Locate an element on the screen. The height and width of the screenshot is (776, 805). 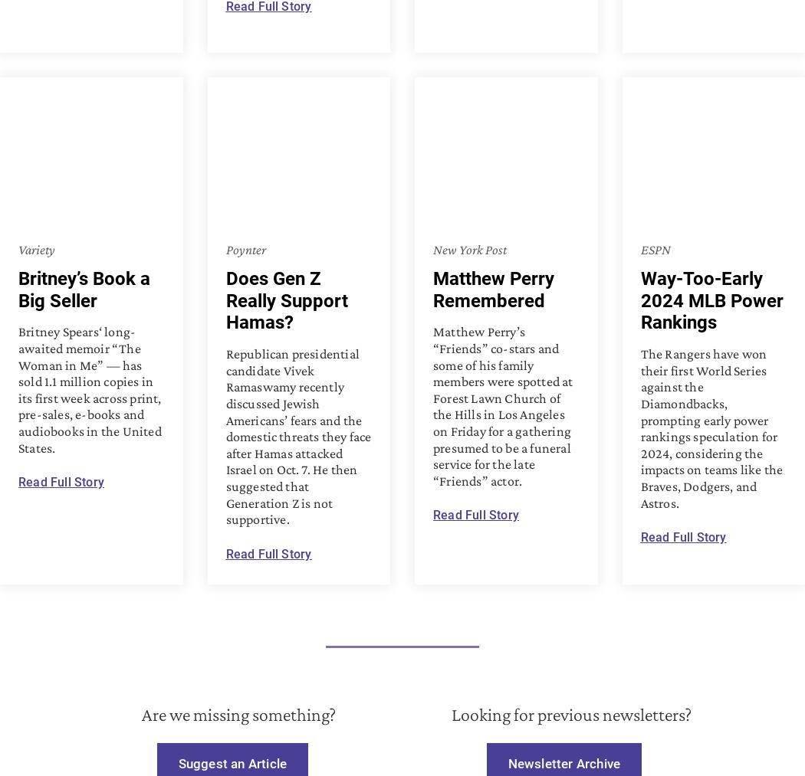
'Britney Spears‘ long-awaited memoir “The Woman in Me” — has sold 1.1 million copies in its first week across print, pre-sales, e-books and audiobooks in the United States.' is located at coordinates (88, 389).